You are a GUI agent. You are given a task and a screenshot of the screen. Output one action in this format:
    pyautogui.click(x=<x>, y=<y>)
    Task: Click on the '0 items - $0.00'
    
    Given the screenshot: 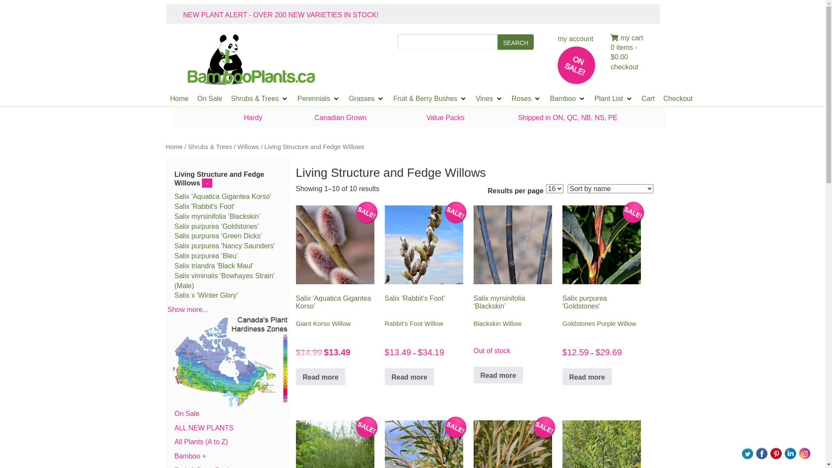 What is the action you would take?
    pyautogui.click(x=623, y=52)
    